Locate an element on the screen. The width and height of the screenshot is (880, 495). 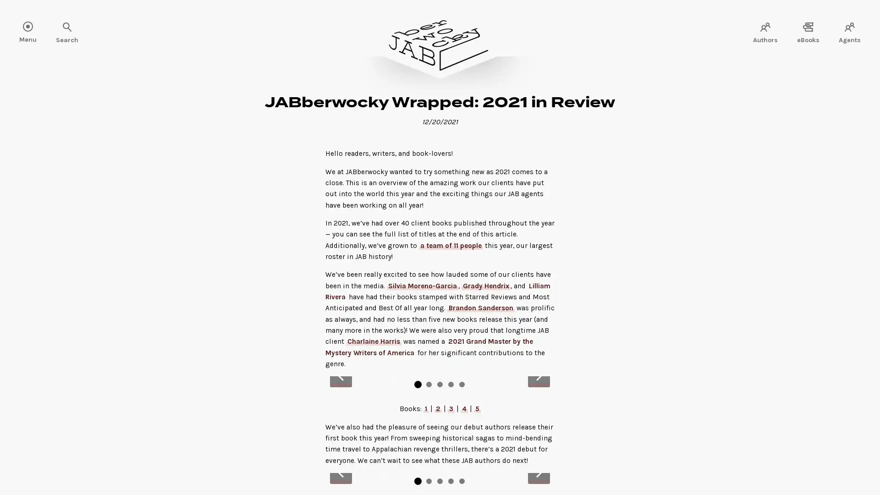
Go to slide 3 is located at coordinates (440, 480).